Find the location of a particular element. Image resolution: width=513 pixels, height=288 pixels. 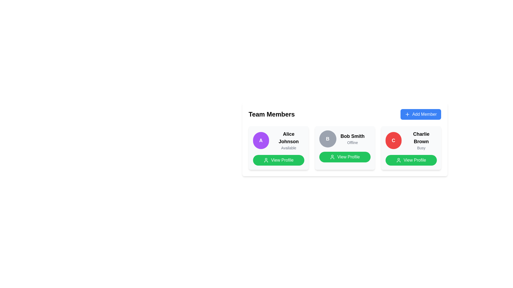

the text label displaying 'Available' in gray, located beneath 'Alice Johnson' in the 'Team Members' section of the profile card layout is located at coordinates (288, 148).